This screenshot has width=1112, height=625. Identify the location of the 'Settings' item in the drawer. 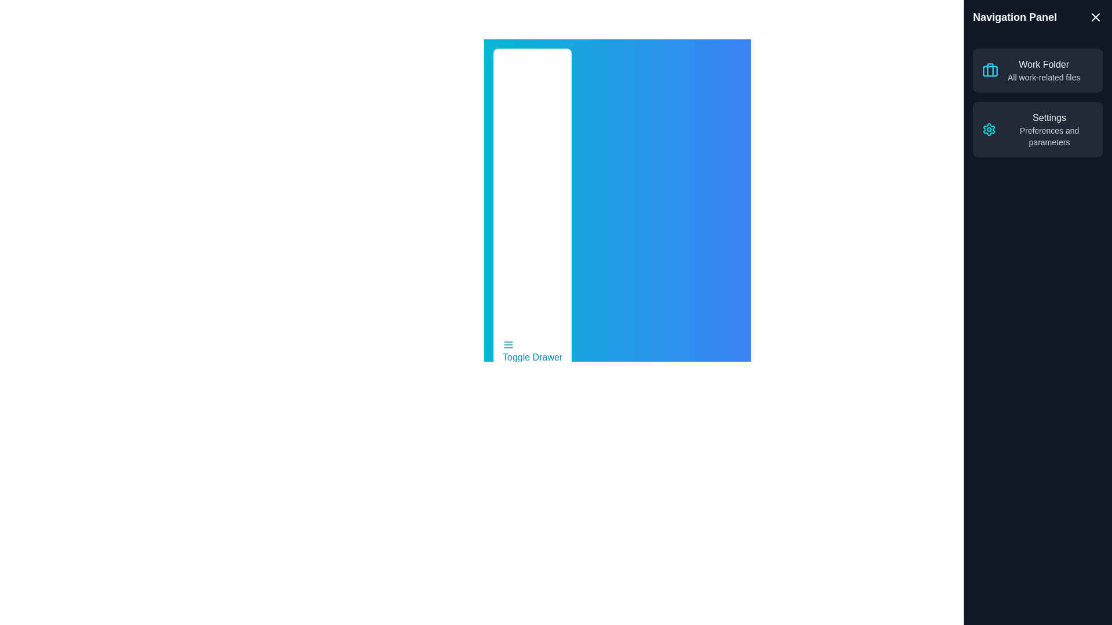
(1049, 129).